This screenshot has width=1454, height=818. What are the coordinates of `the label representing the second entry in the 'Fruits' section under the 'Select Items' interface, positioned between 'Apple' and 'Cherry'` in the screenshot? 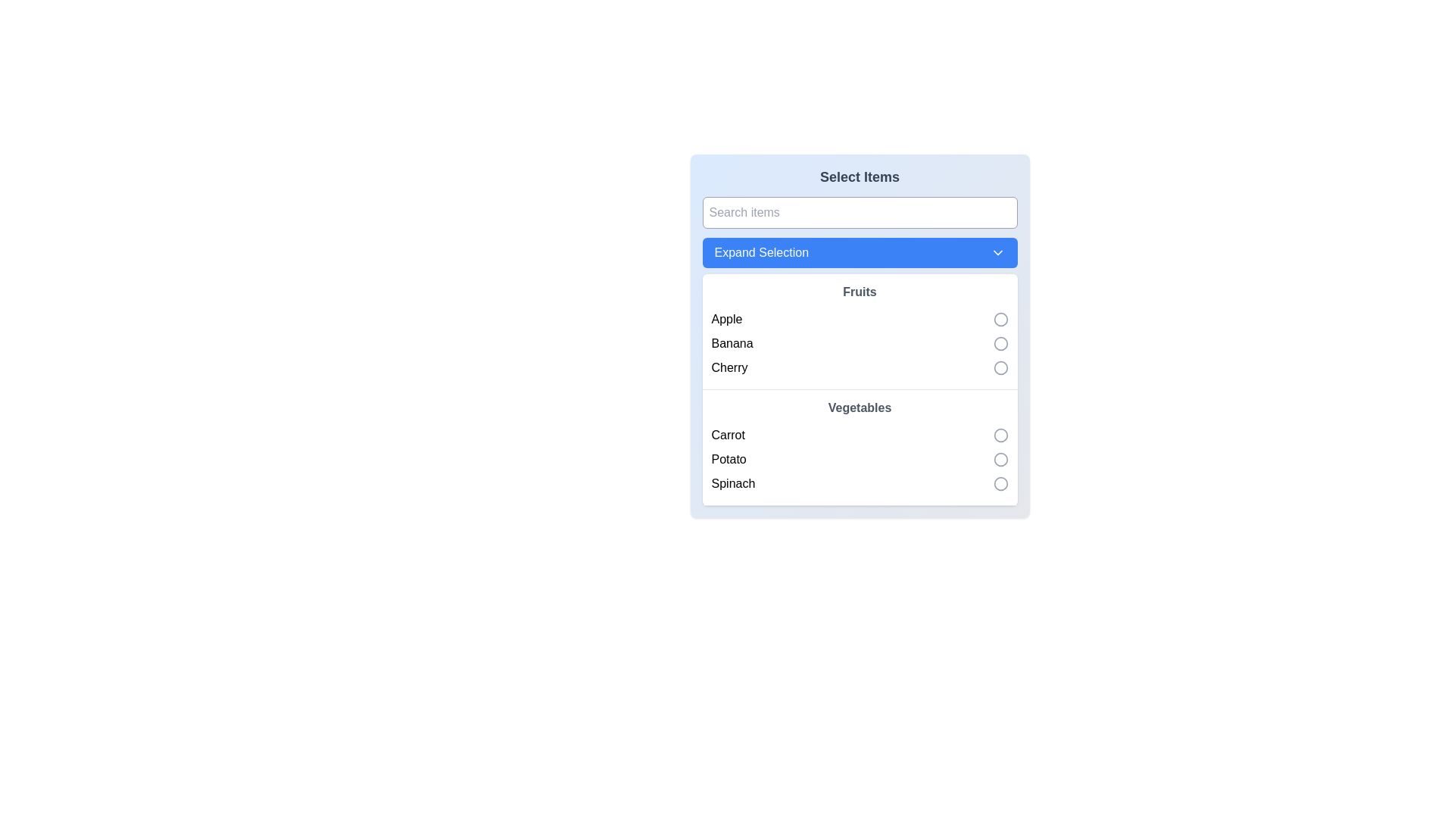 It's located at (732, 344).